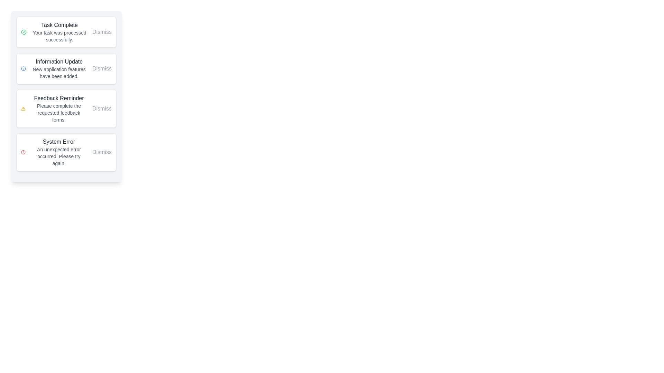  I want to click on the Text Header element labeled 'Feedback Reminder', which is styled with a medium font weight and dark gray color, located at the top of the third notification box, so click(59, 98).